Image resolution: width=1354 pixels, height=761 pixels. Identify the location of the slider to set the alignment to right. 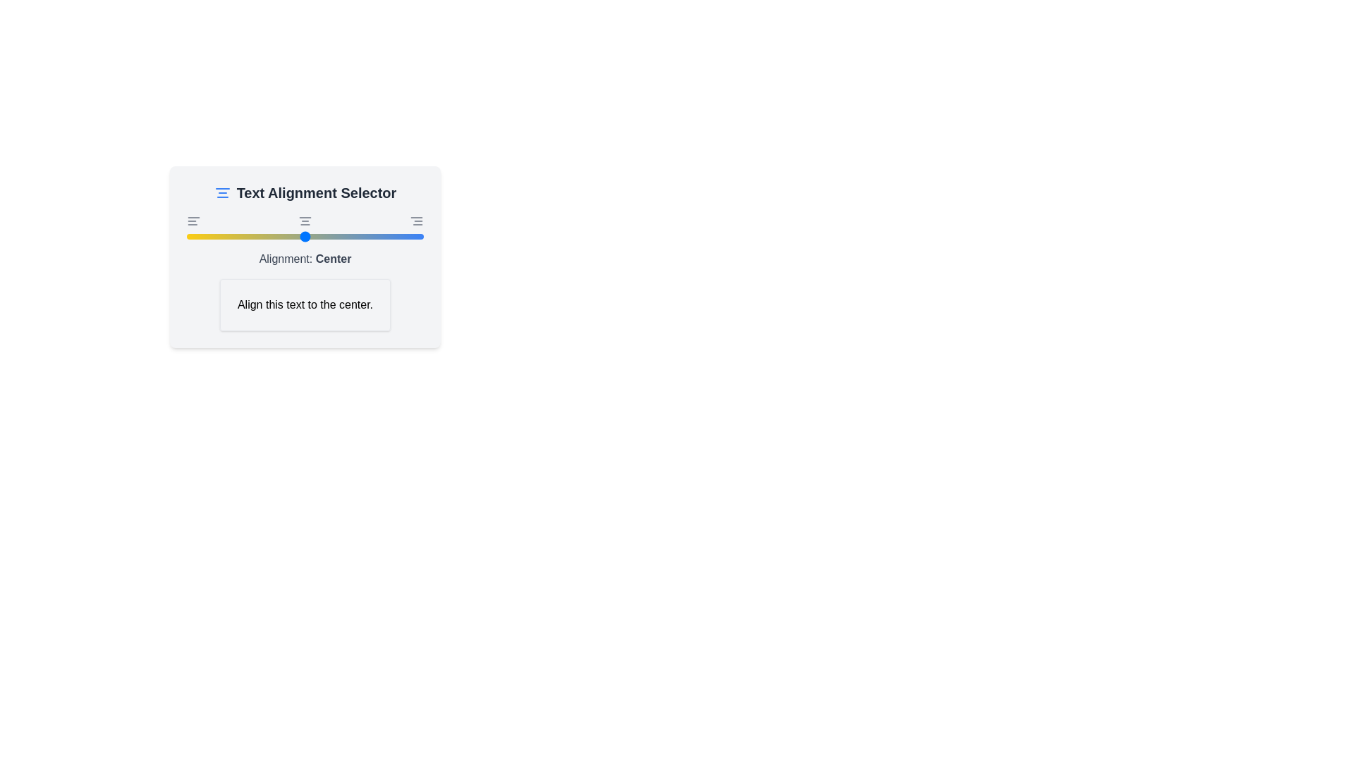
(422, 235).